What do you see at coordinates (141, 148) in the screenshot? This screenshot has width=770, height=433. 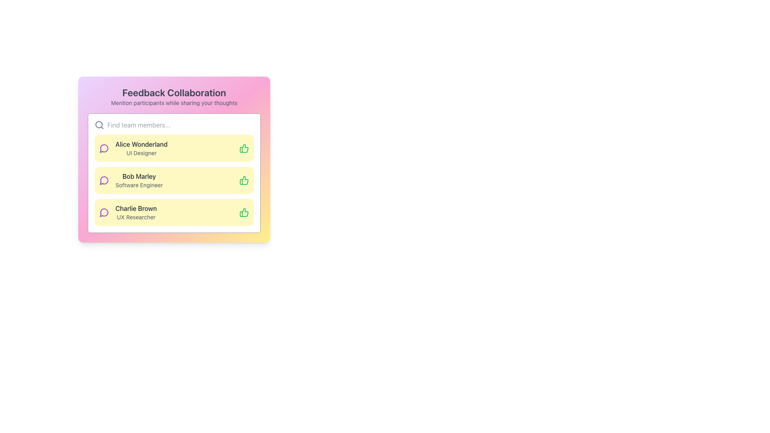 I see `the text display that shows the name and role of the top participant in the feedback collaboration interface, which is centrally located above the participants 'Bob Marley' and 'Charlie Brown'` at bounding box center [141, 148].